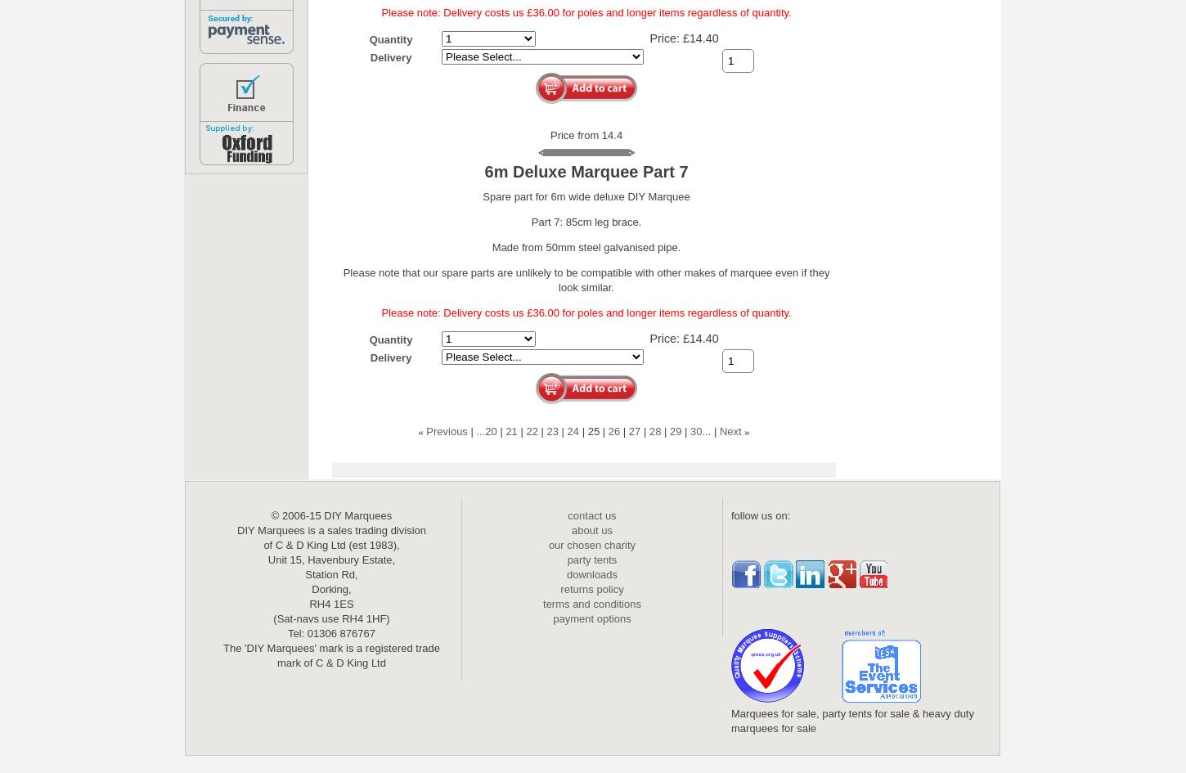 Image resolution: width=1186 pixels, height=773 pixels. Describe the element at coordinates (476, 430) in the screenshot. I see `'...20'` at that location.